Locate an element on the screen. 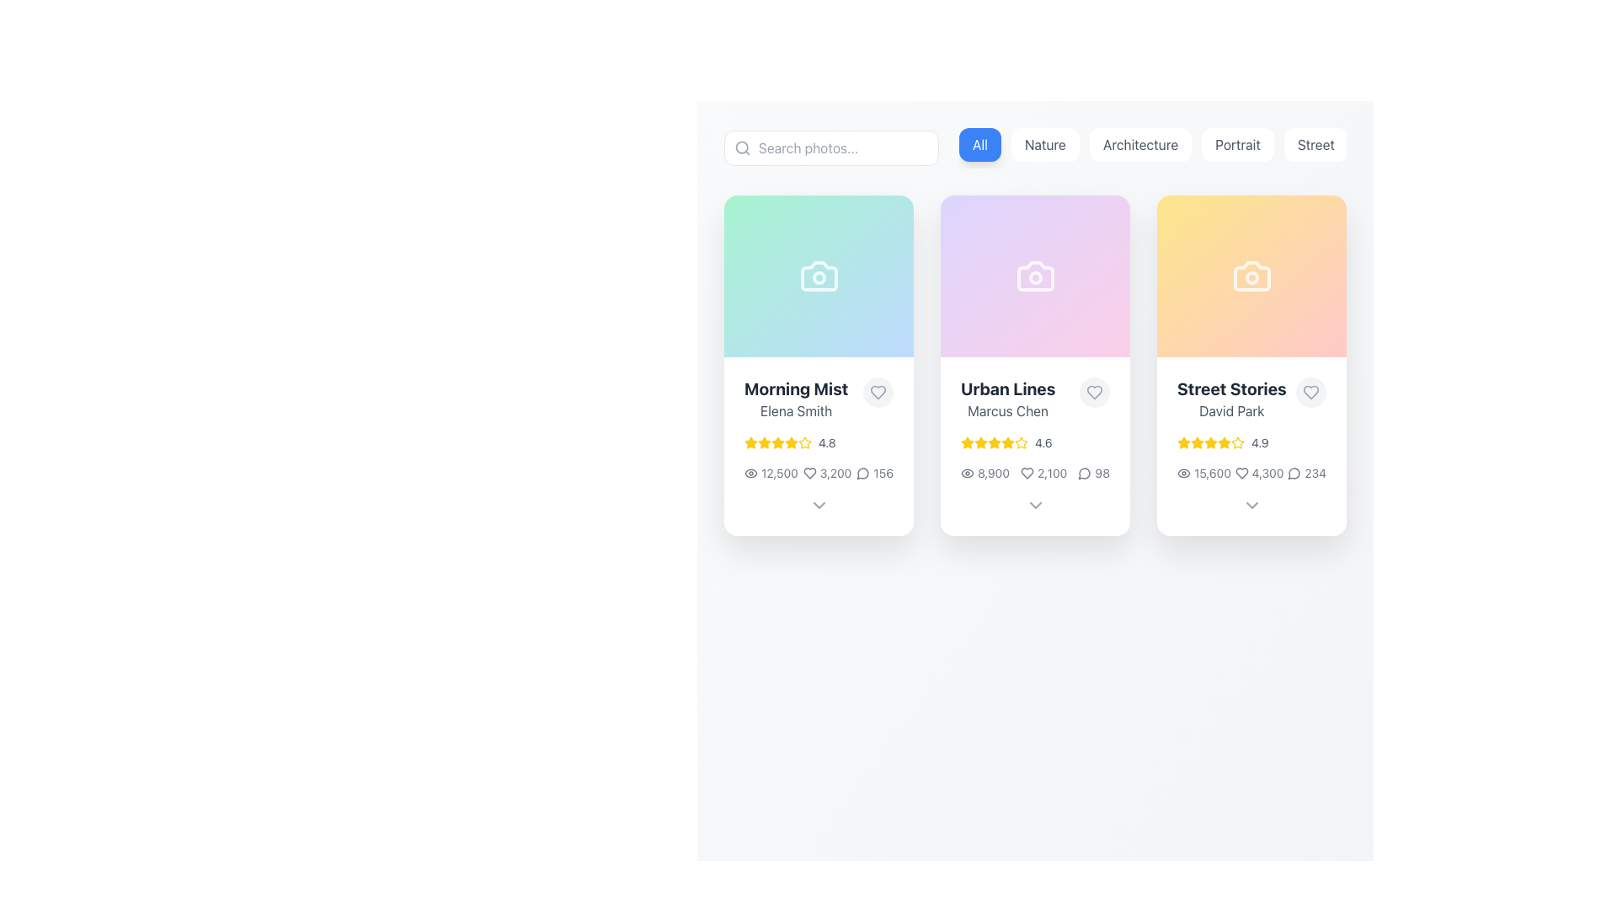 The height and width of the screenshot is (910, 1617). the heart-shaped icon used for marking an item as a favorite, located in the top-right corner of the first card in a horizontal row of cards is located at coordinates (877, 393).